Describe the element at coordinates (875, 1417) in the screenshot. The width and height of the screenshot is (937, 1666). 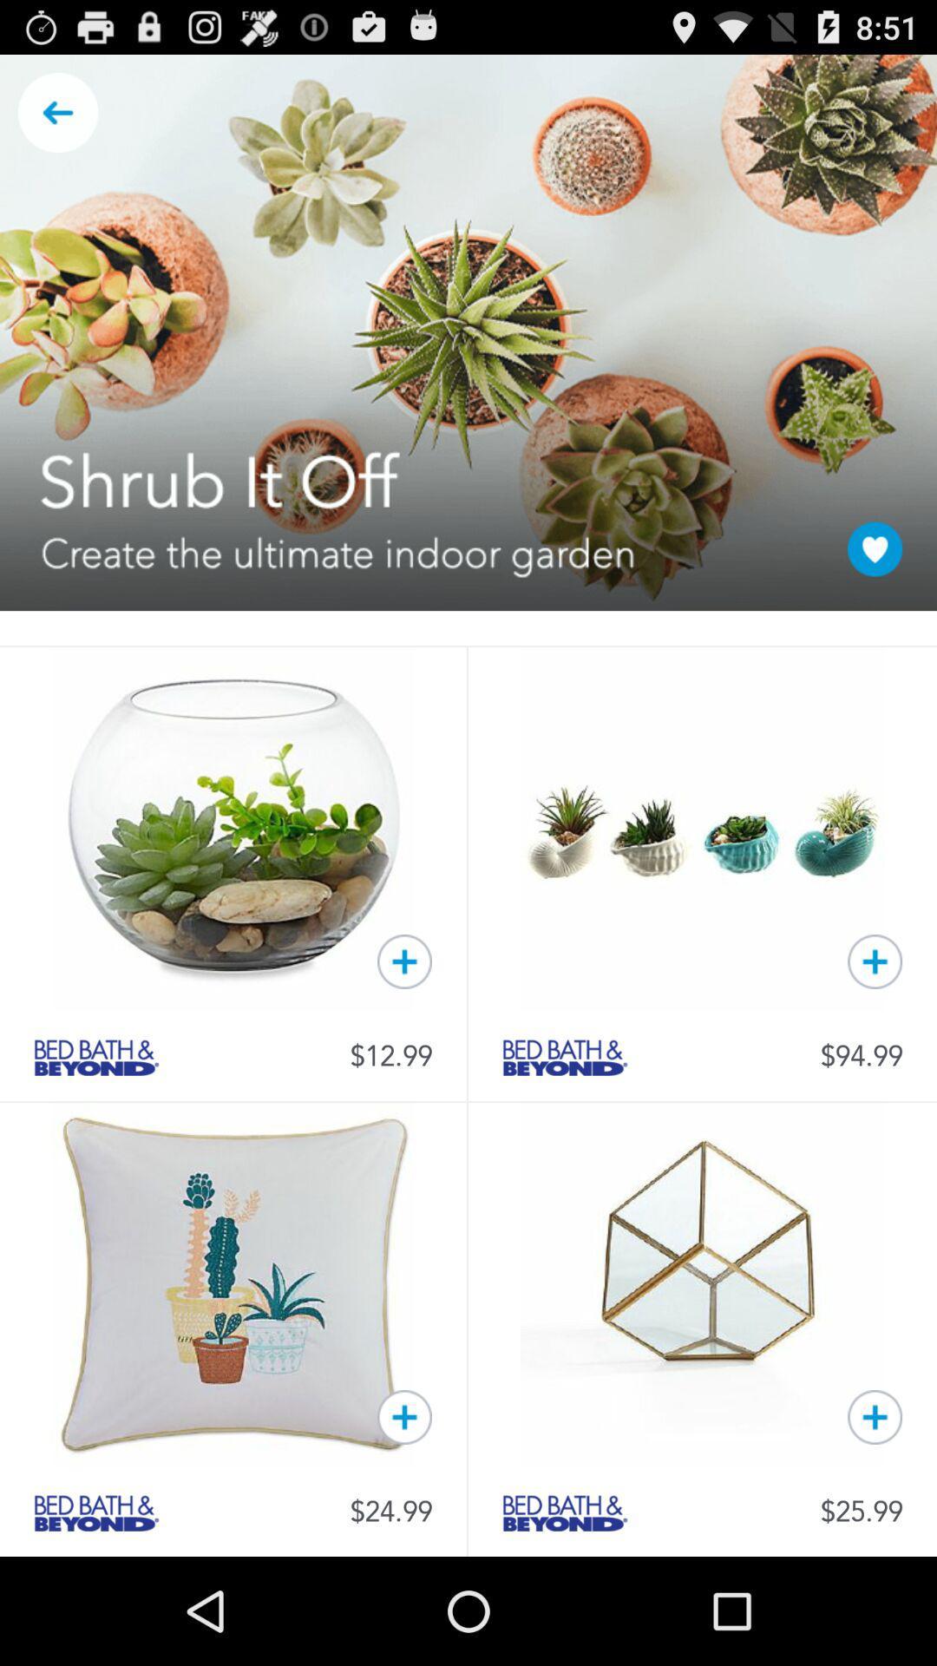
I see `item` at that location.